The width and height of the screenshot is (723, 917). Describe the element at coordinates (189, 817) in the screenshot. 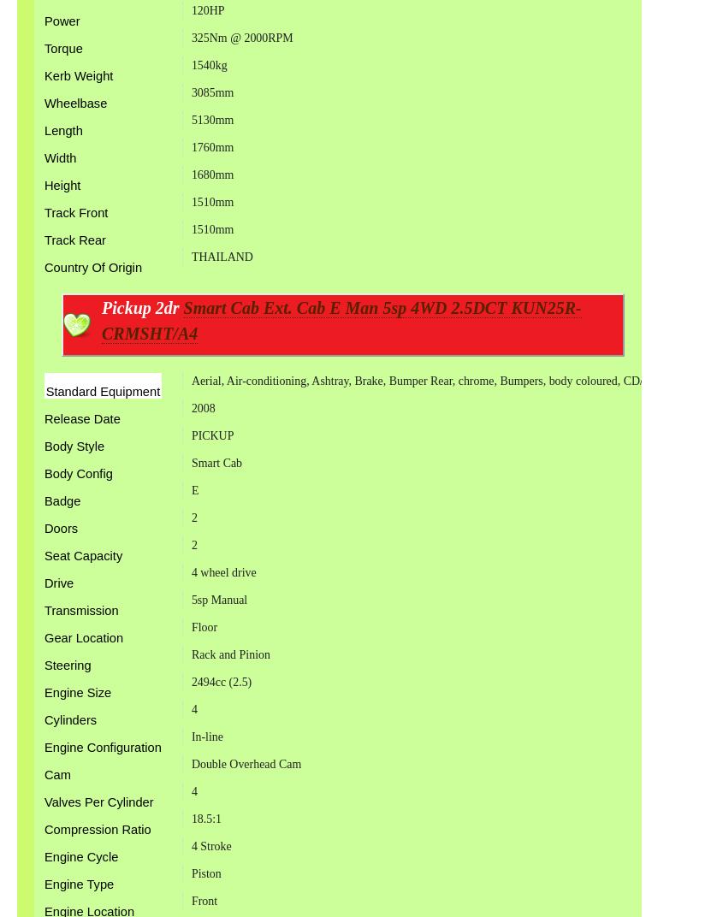

I see `'18.5:1'` at that location.